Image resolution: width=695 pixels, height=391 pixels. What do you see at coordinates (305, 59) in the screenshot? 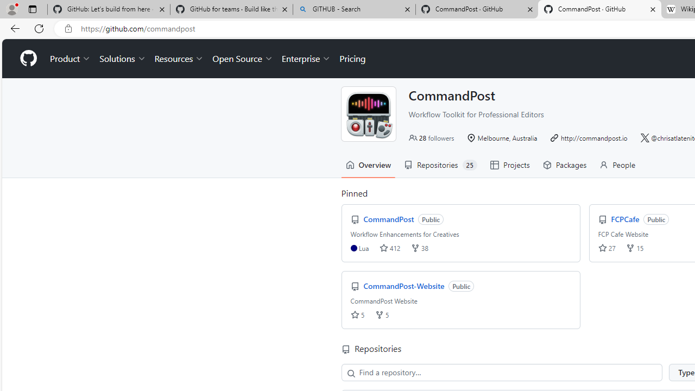
I see `'Enterprise'` at bounding box center [305, 59].